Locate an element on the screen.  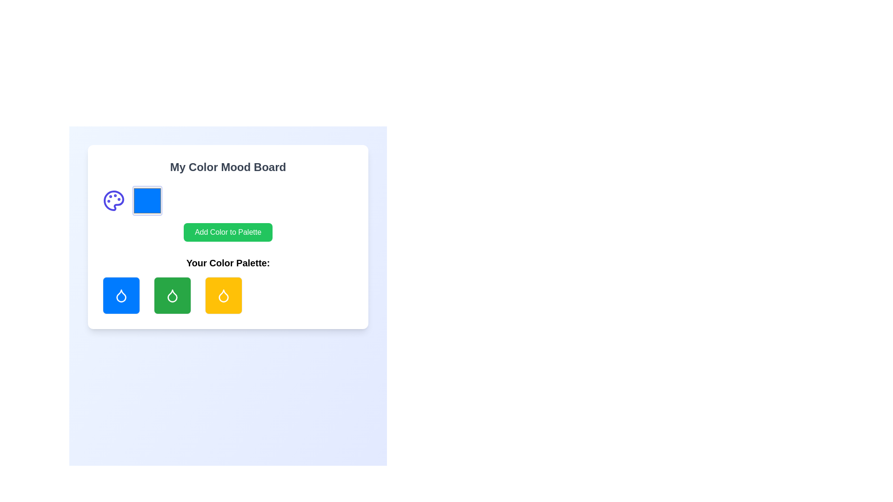
the green square-shaped button with a white droplet icon, located in the center of the bottom row of the 'Your Color Palette' card is located at coordinates (173, 296).